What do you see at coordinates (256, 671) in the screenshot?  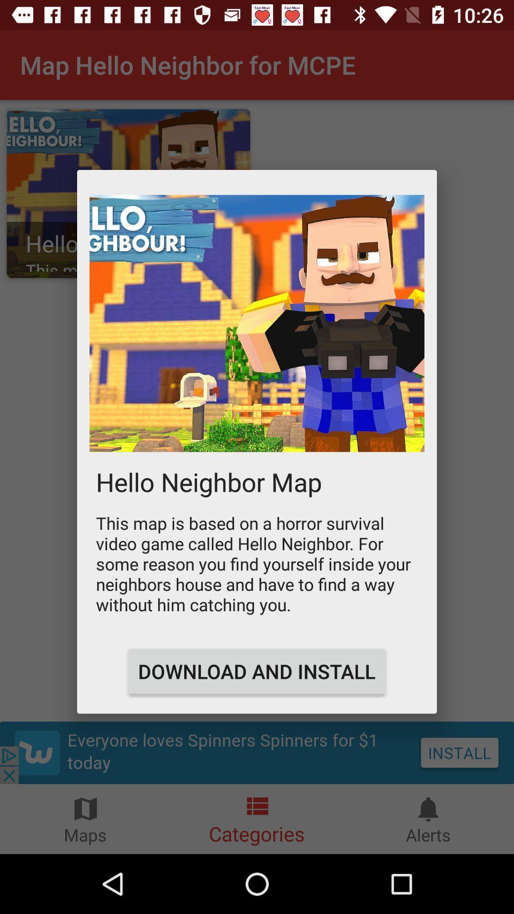 I see `download and install icon` at bounding box center [256, 671].